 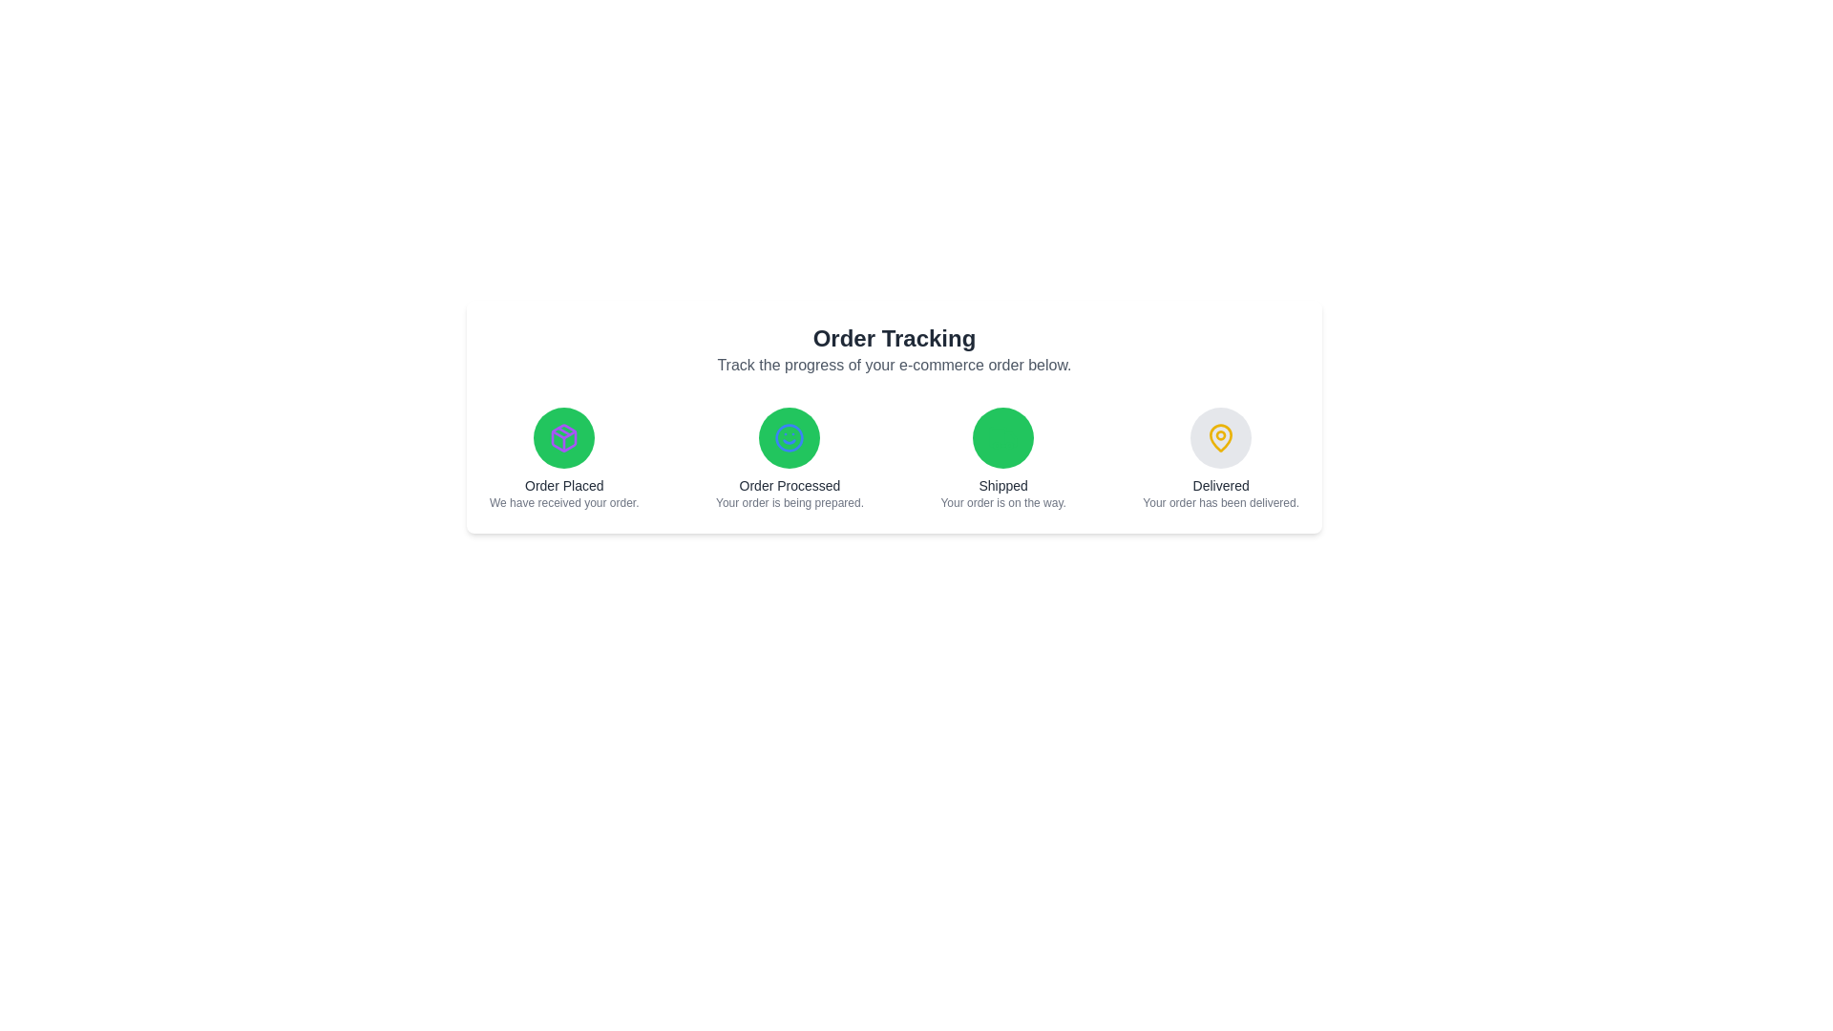 I want to click on the green circular icon with a truck symbol and the text 'Shipped' along with the description 'Your order is on the way.' in the progress tracker stage indicator, so click(x=1002, y=459).